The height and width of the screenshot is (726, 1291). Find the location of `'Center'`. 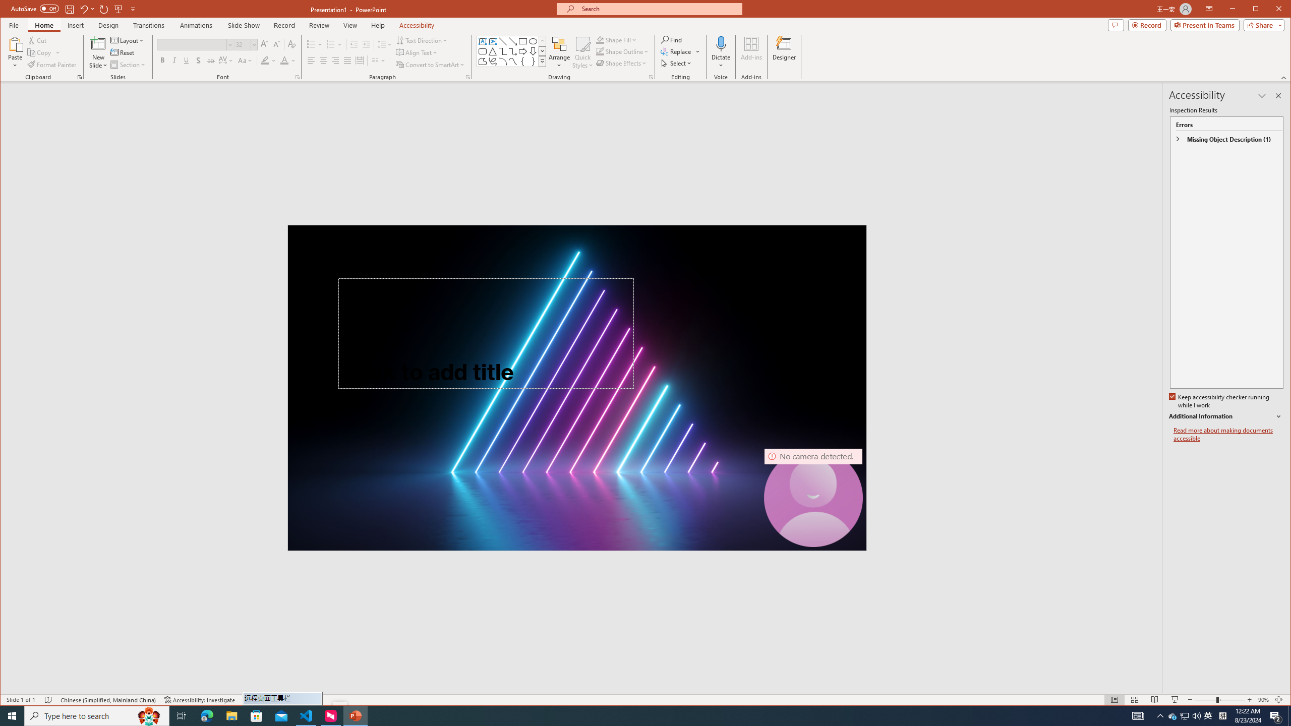

'Center' is located at coordinates (323, 60).